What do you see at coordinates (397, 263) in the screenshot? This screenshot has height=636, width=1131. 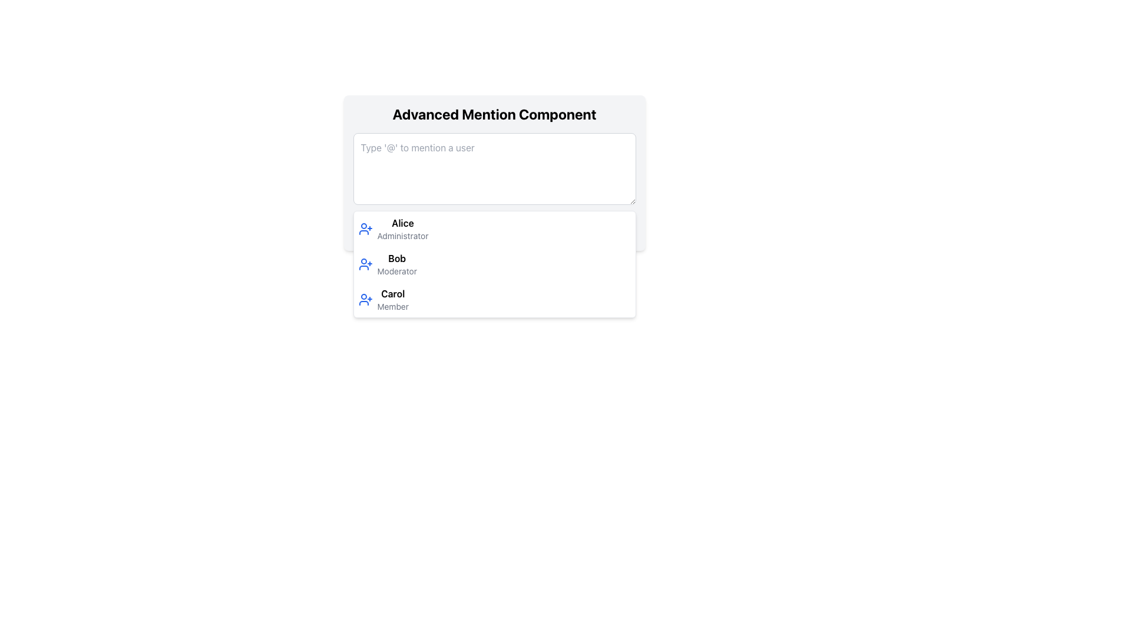 I see `the text label displaying the name 'Bob'` at bounding box center [397, 263].